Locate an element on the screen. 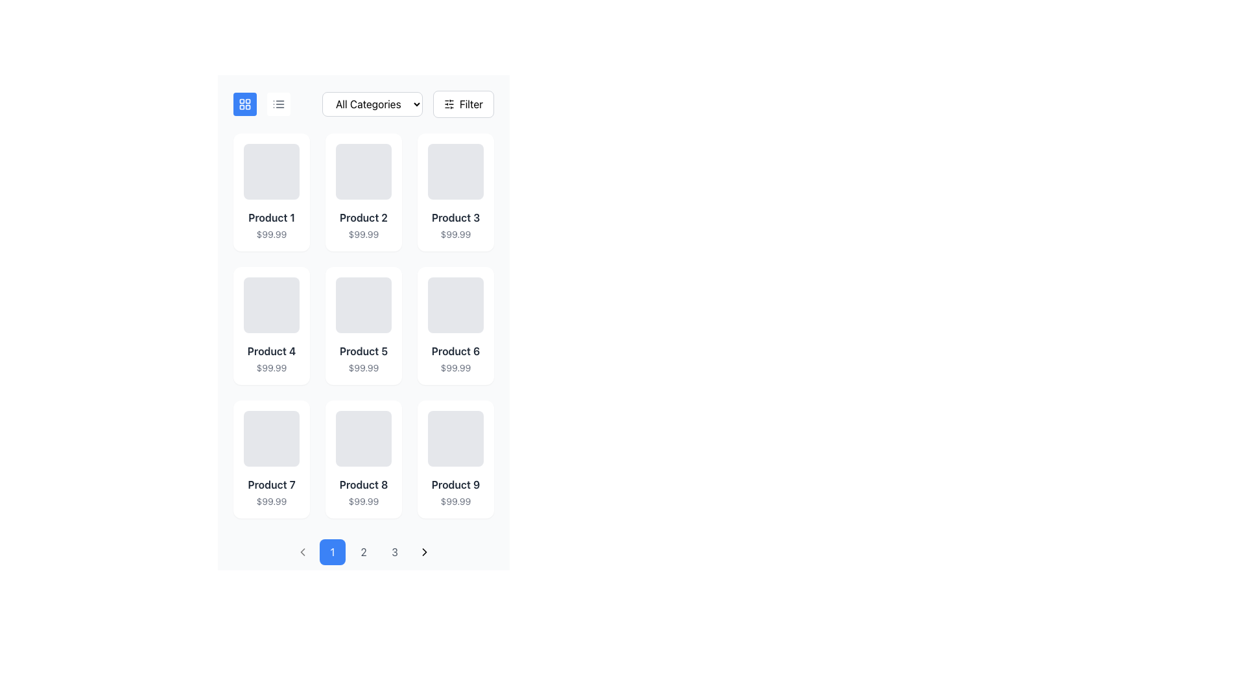 Image resolution: width=1245 pixels, height=700 pixels. the topmost square-shaped placeholder with a light gray background and rounded corners, located in the bottom-left corner of the grid depicting 'Product 7' is located at coordinates (270, 438).